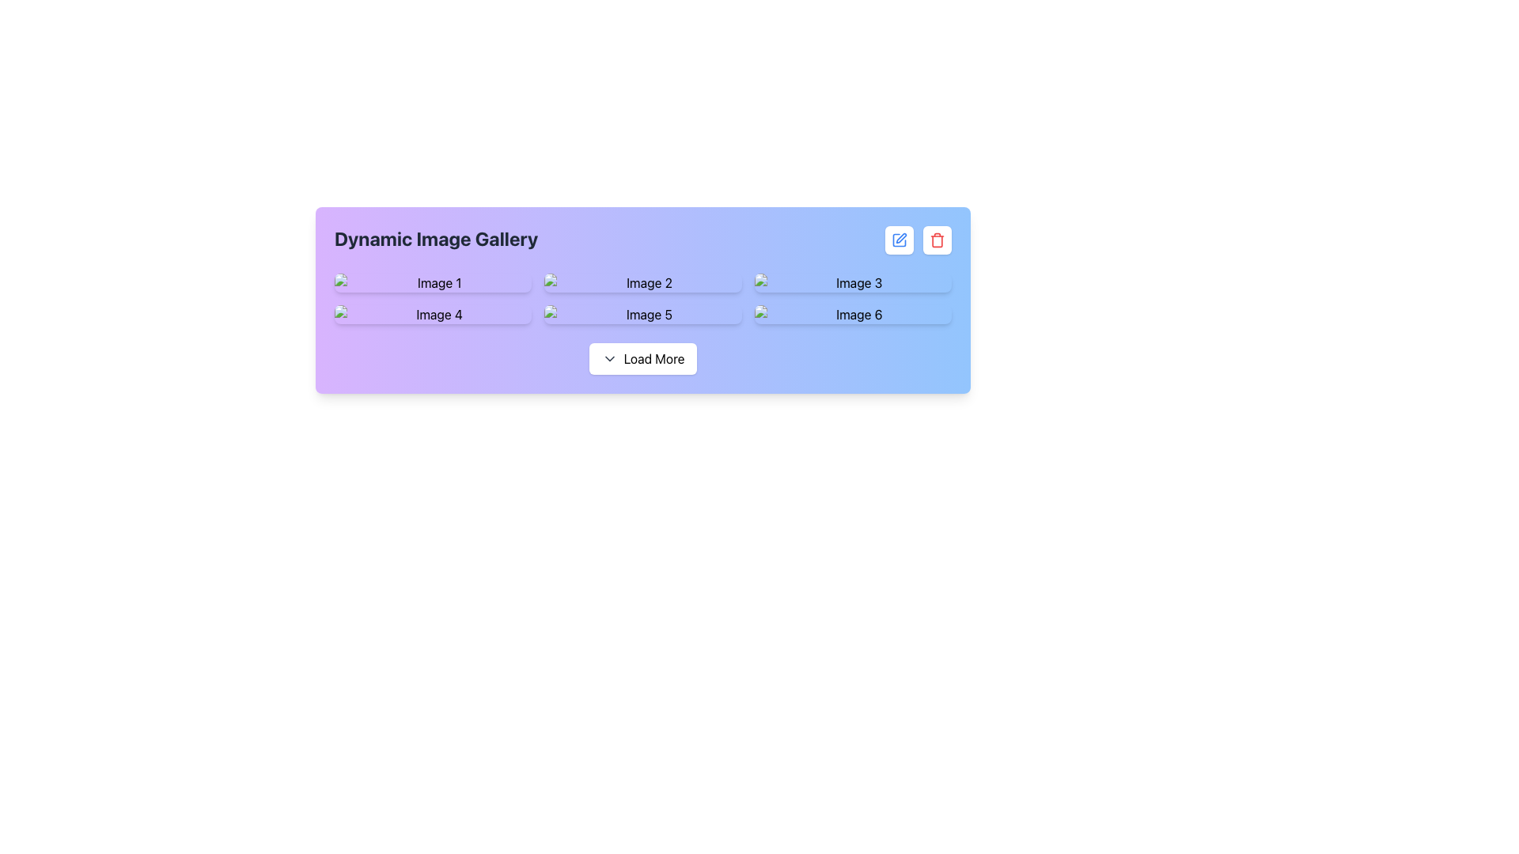  Describe the element at coordinates (852, 314) in the screenshot. I see `the image labeled 'Image 6' in the second row, third column of the 'Dynamic Image Gallery' for interaction` at that location.